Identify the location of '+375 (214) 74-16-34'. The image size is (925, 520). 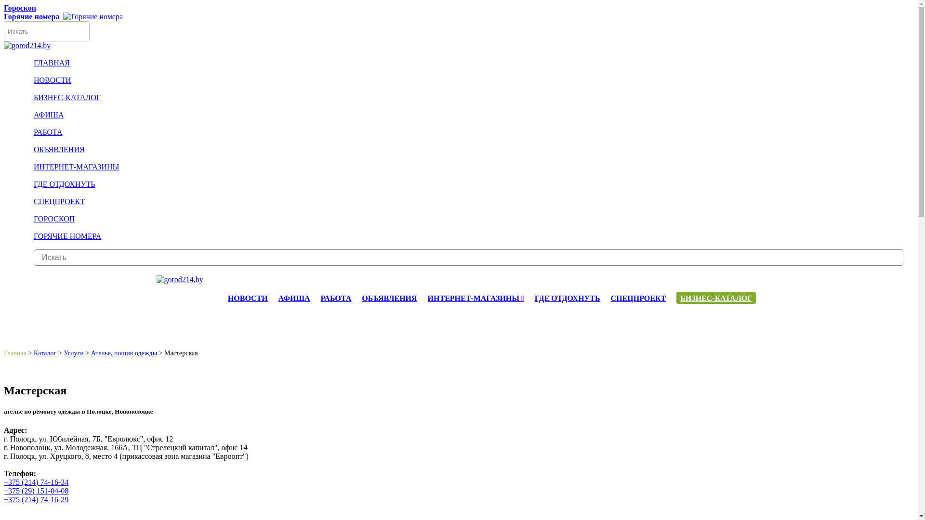
(36, 482).